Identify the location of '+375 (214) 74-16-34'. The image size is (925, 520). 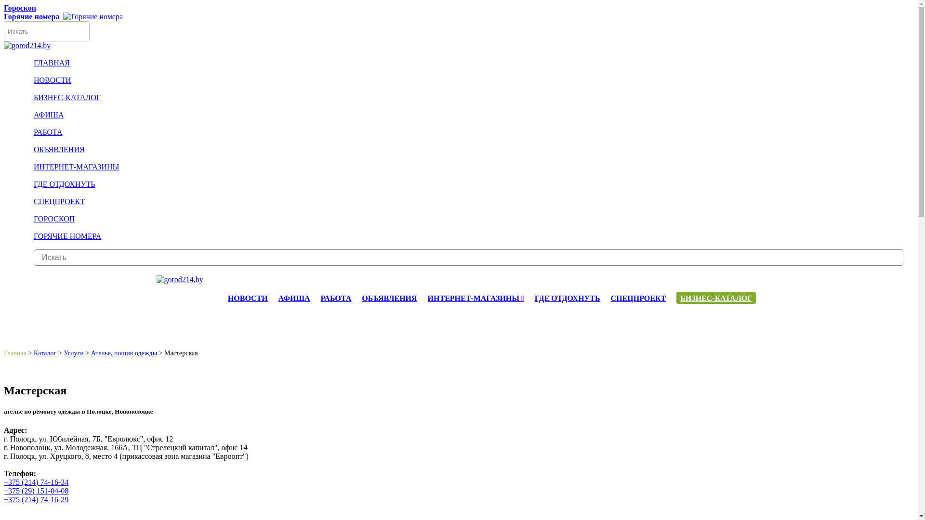
(36, 482).